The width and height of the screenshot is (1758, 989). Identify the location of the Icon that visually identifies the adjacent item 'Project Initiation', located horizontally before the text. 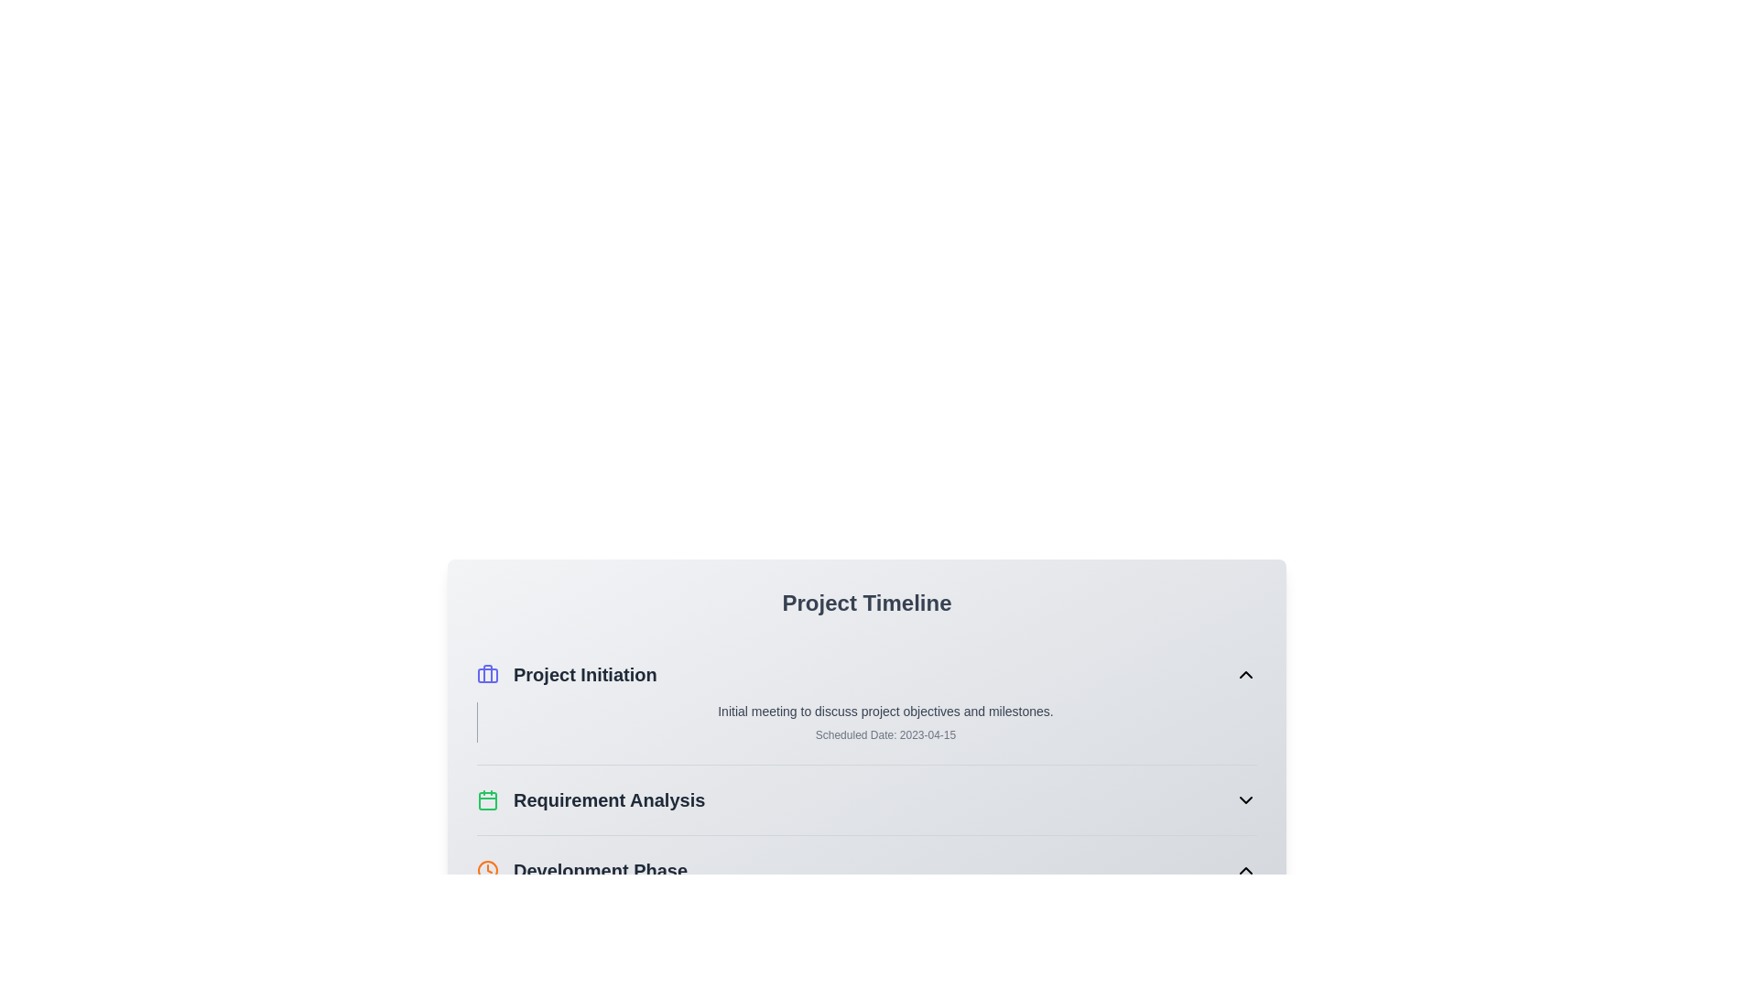
(487, 674).